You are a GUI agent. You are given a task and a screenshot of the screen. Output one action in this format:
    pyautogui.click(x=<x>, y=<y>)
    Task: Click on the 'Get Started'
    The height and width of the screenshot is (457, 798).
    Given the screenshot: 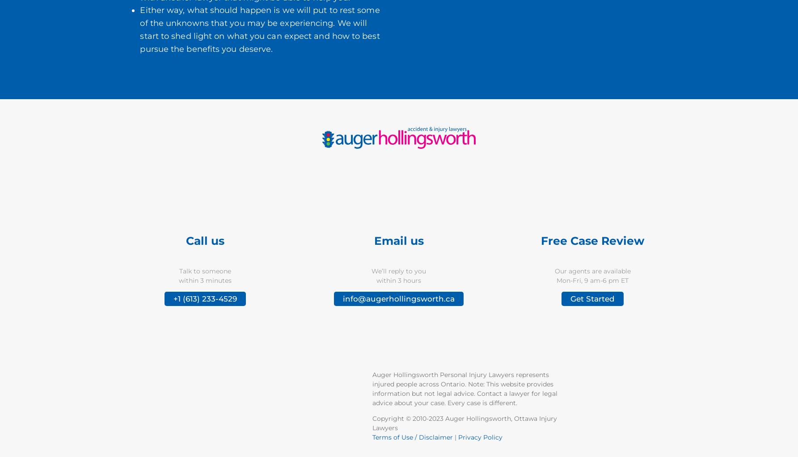 What is the action you would take?
    pyautogui.click(x=592, y=299)
    